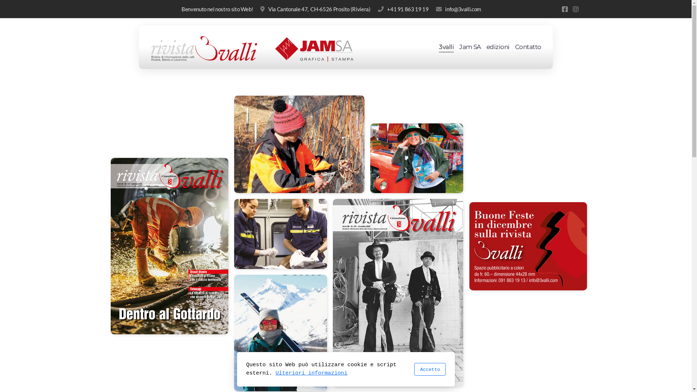 The width and height of the screenshot is (697, 392). What do you see at coordinates (315, 9) in the screenshot?
I see `'Via Cantonale 47,  CH-6526 Prosito (Riviera)'` at bounding box center [315, 9].